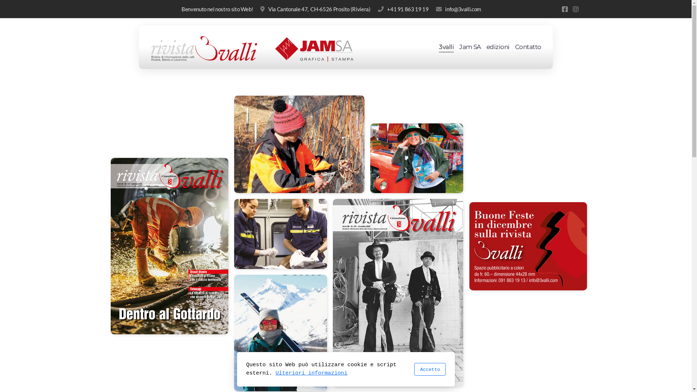 The width and height of the screenshot is (697, 392). What do you see at coordinates (315, 9) in the screenshot?
I see `'Via Cantonale 47,  CH-6526 Prosito (Riviera)'` at bounding box center [315, 9].